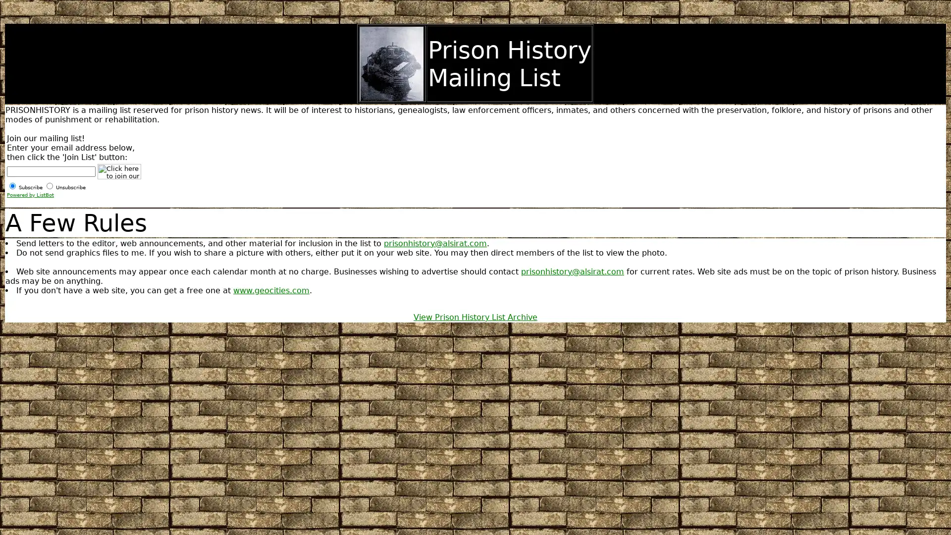 The width and height of the screenshot is (951, 535). Describe the element at coordinates (119, 171) in the screenshot. I see `Click here to join our mailing list!` at that location.